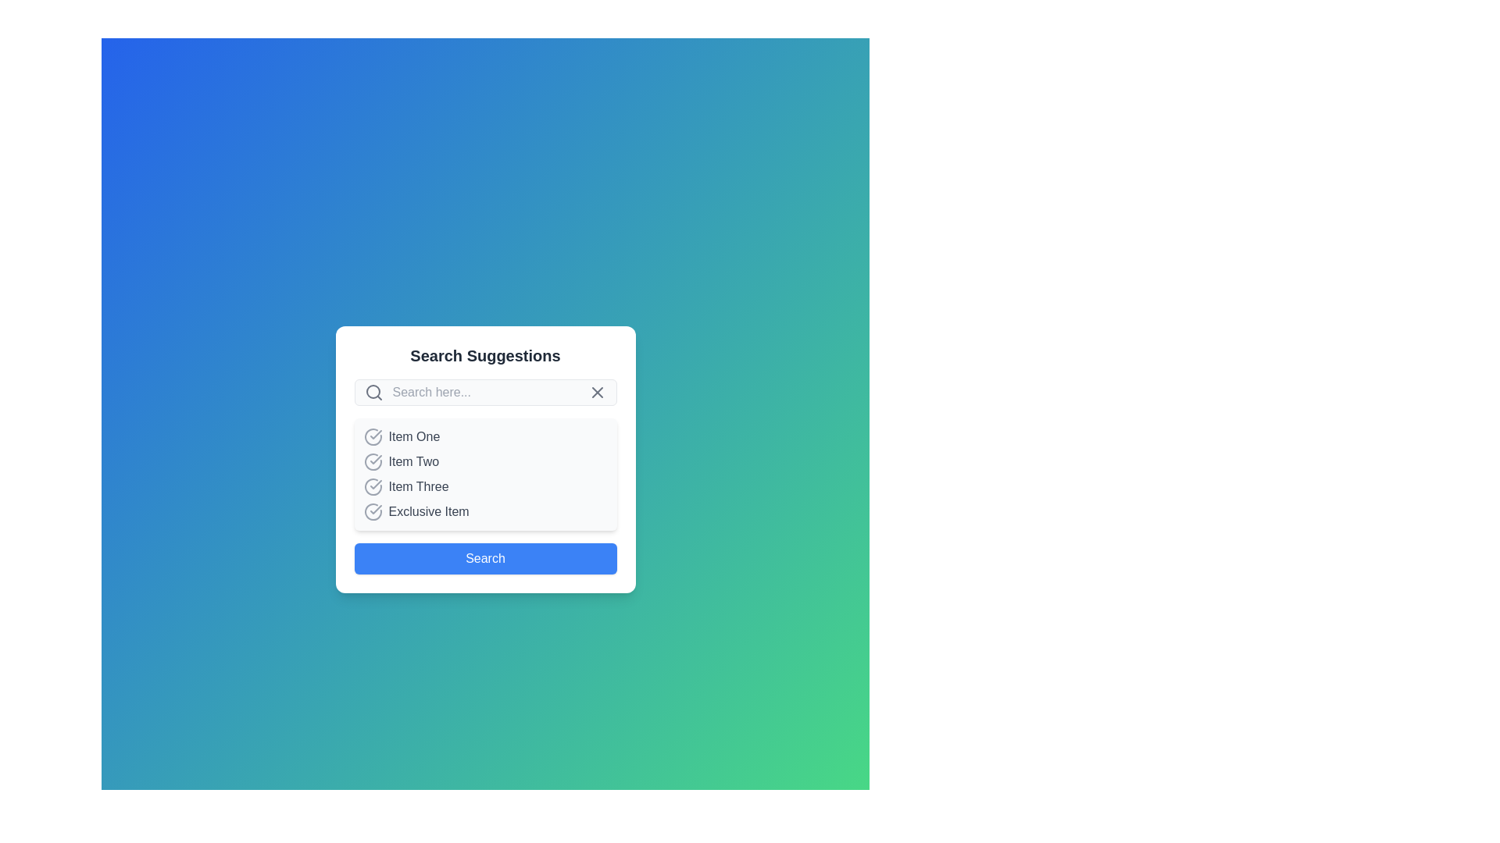 The width and height of the screenshot is (1500, 843). What do you see at coordinates (372, 486) in the screenshot?
I see `the circular icon-based checkbox with a checkmark located to the left of the text 'Item Three' in the third row of the list in the modal window` at bounding box center [372, 486].